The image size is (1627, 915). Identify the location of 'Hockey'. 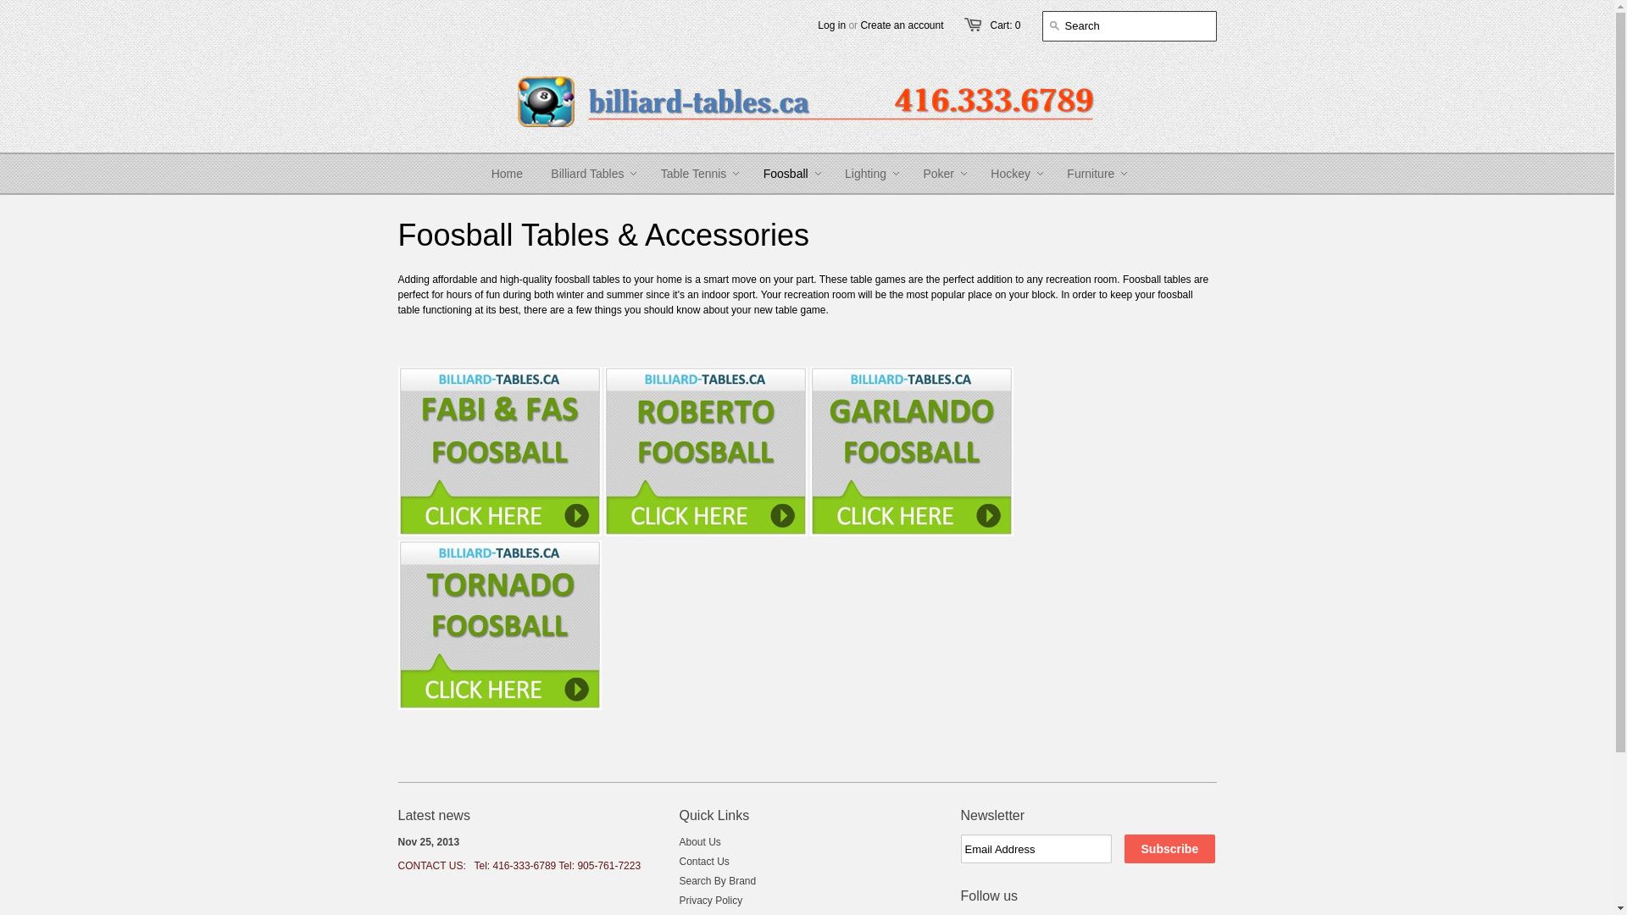
(1010, 173).